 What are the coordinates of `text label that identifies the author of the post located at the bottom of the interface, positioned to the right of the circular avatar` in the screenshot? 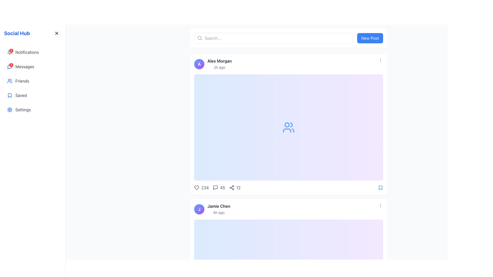 It's located at (219, 206).